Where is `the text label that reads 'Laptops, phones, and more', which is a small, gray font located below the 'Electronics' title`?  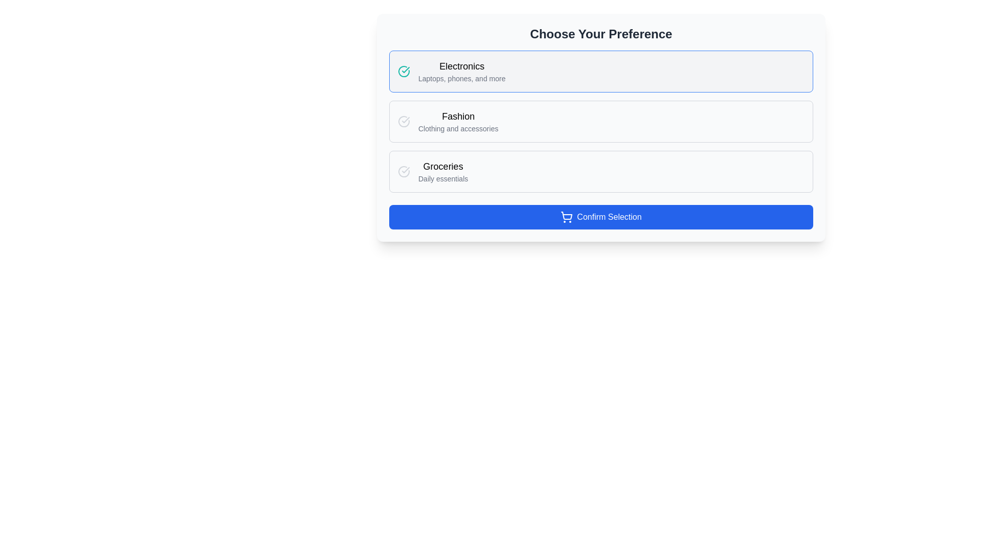 the text label that reads 'Laptops, phones, and more', which is a small, gray font located below the 'Electronics' title is located at coordinates (461, 78).